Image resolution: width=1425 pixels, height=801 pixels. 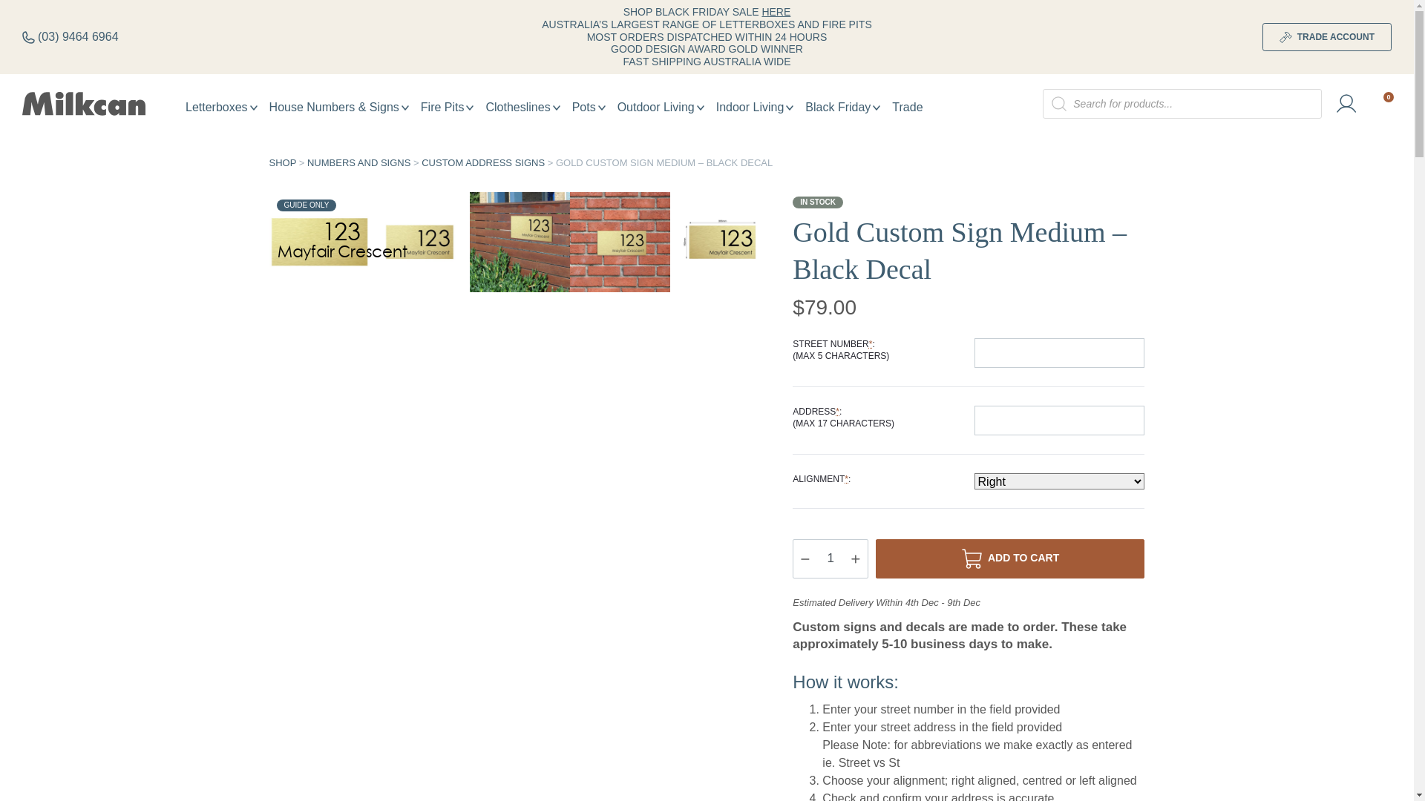 What do you see at coordinates (70, 36) in the screenshot?
I see `'(03) 9464 6964'` at bounding box center [70, 36].